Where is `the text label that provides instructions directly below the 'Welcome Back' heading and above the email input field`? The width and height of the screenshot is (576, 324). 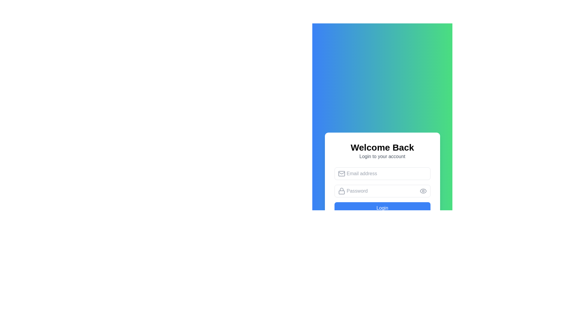
the text label that provides instructions directly below the 'Welcome Back' heading and above the email input field is located at coordinates (382, 156).